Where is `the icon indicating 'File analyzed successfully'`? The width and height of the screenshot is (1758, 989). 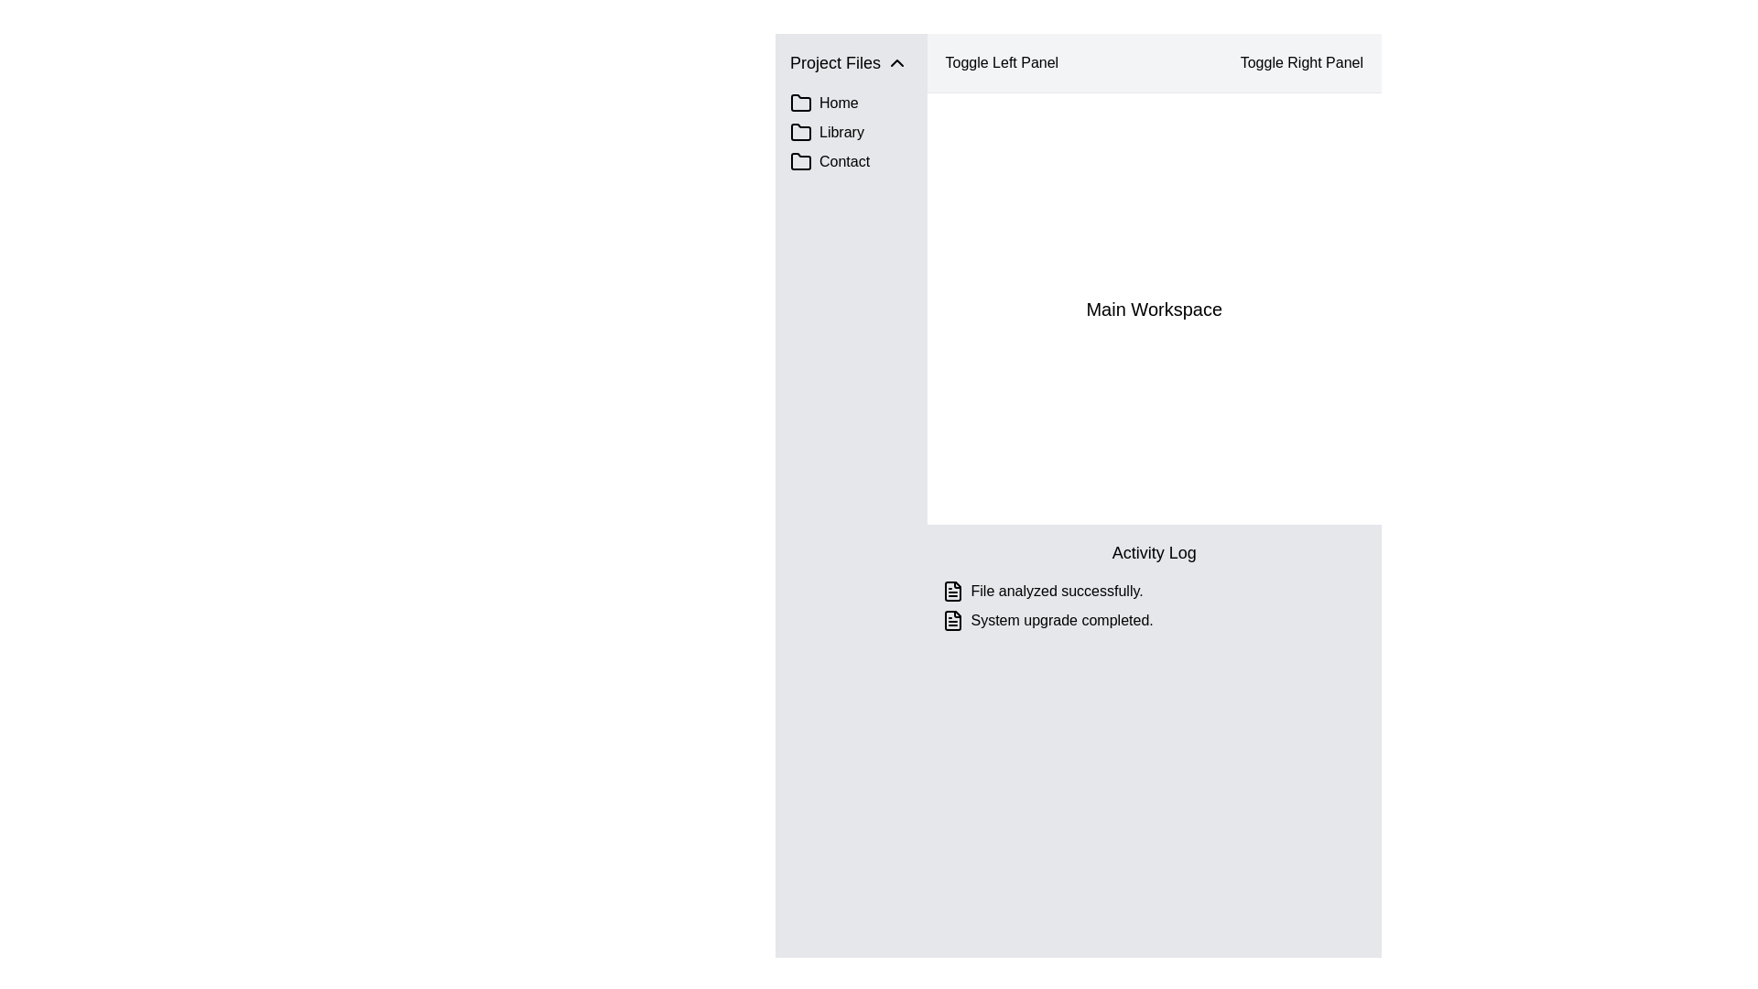 the icon indicating 'File analyzed successfully' is located at coordinates (952, 591).